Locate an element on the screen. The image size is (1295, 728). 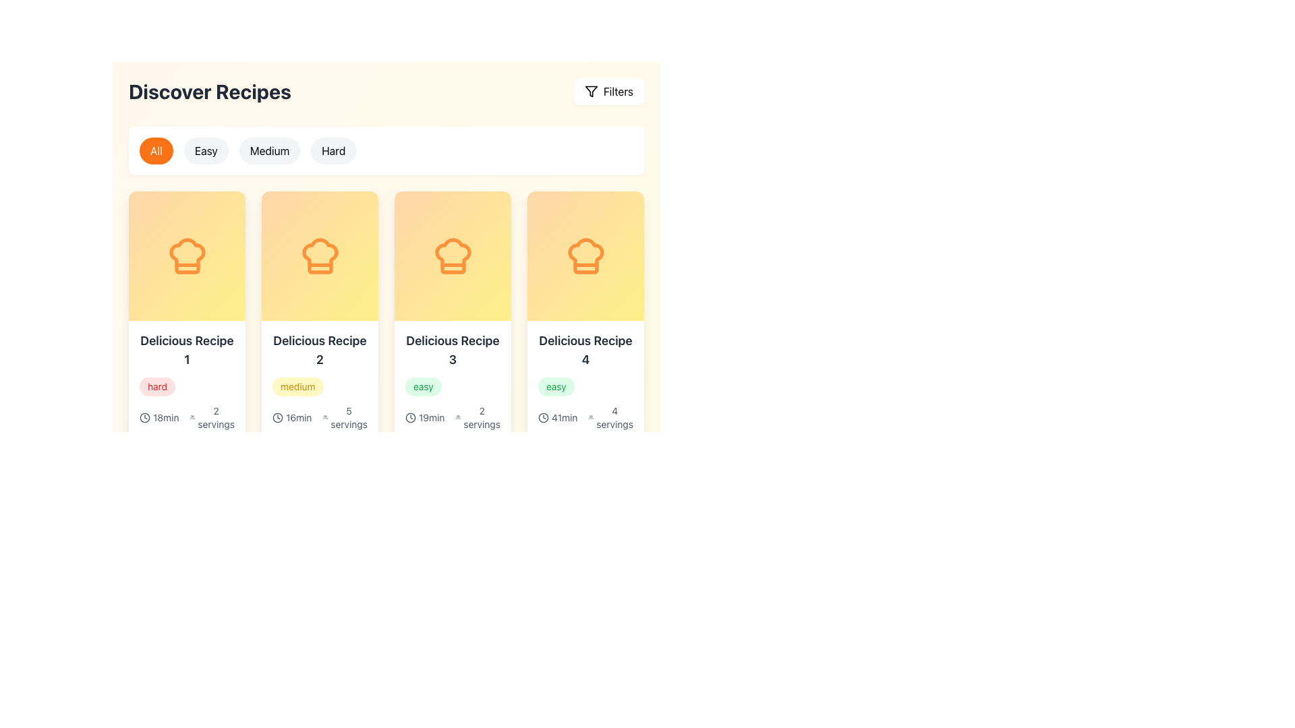
the central shape of the chef hat icon in the second column of chef hat icons, which is located above the text 'Delicious Recipe 2' on the yellow-toned card background is located at coordinates (319, 255).